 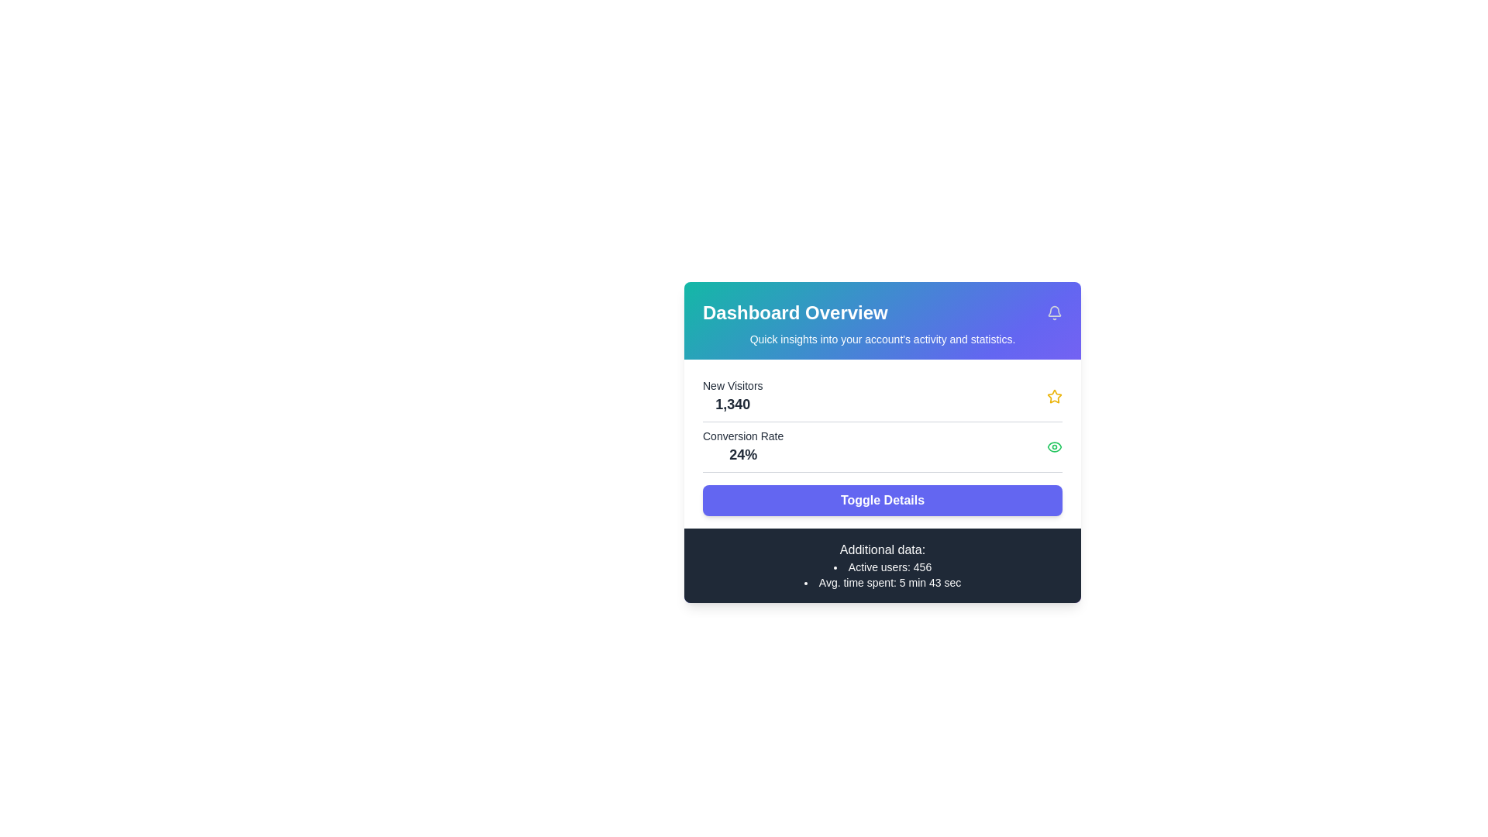 I want to click on the 'New Visitors' text label which is located in the 'Dashboard Overview' section, positioned at the top-left side of the card layout, so click(x=732, y=384).